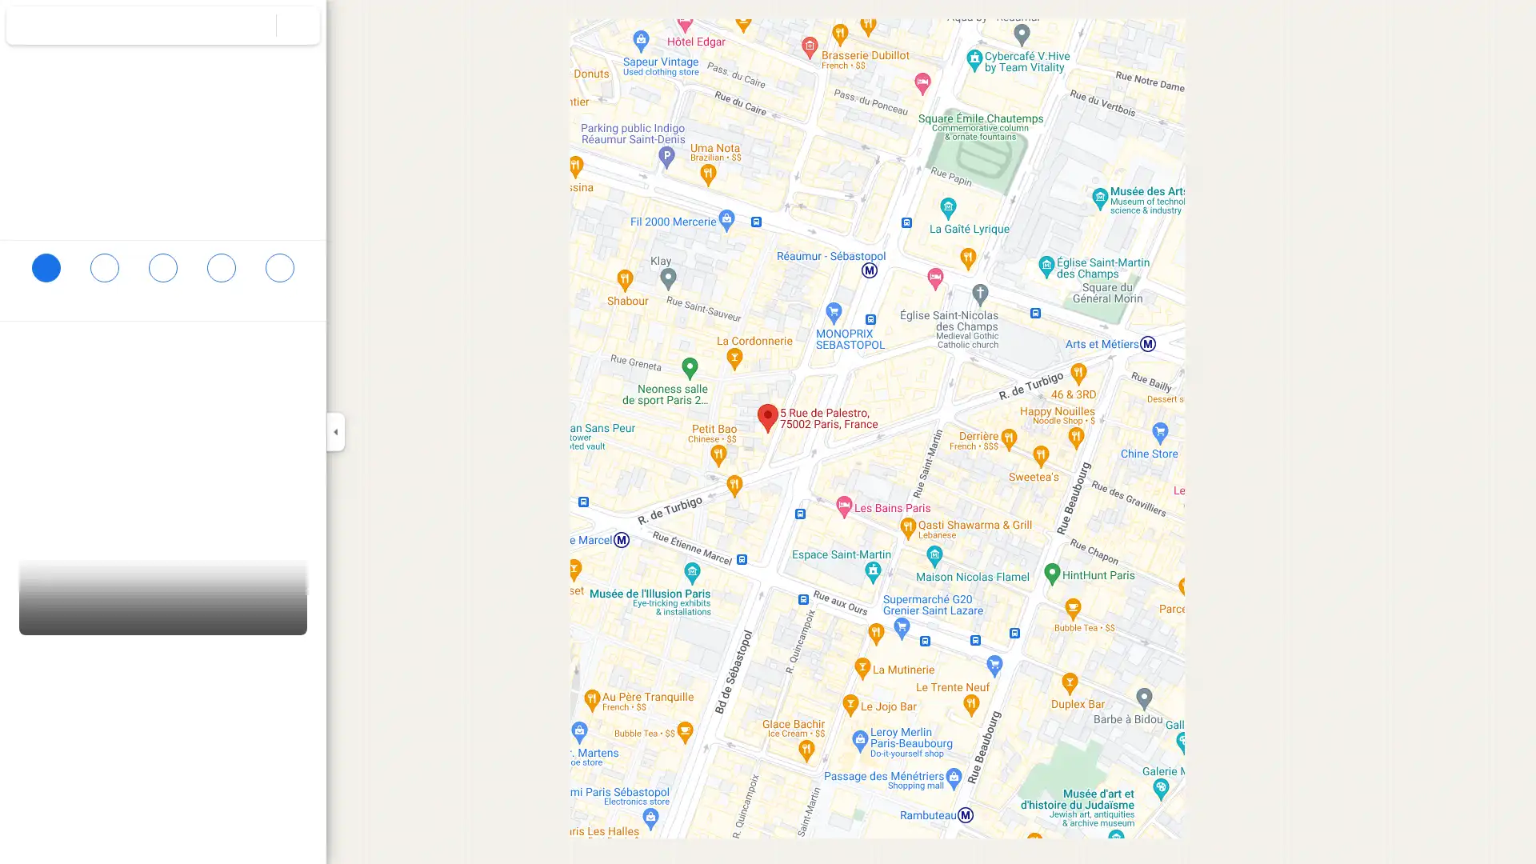  I want to click on Search, so click(254, 25).